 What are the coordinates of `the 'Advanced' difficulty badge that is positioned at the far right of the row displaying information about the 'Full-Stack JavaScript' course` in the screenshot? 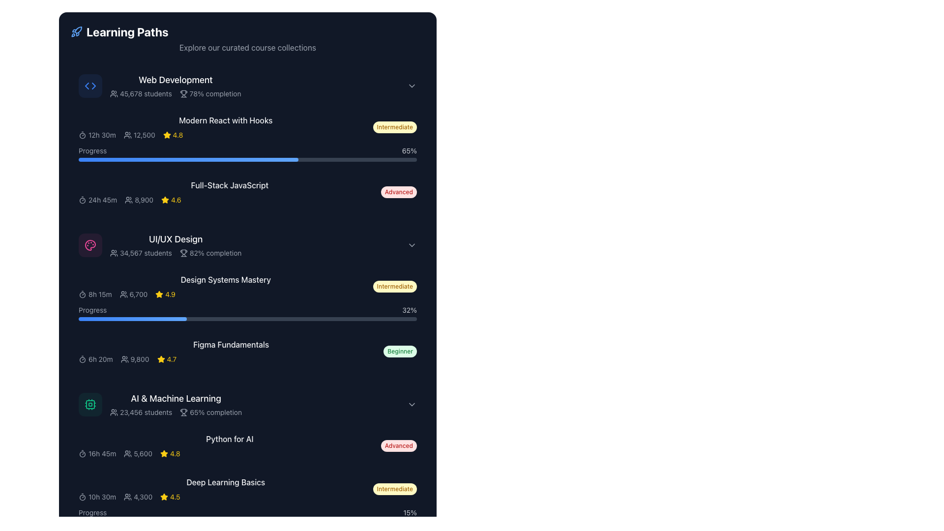 It's located at (399, 192).